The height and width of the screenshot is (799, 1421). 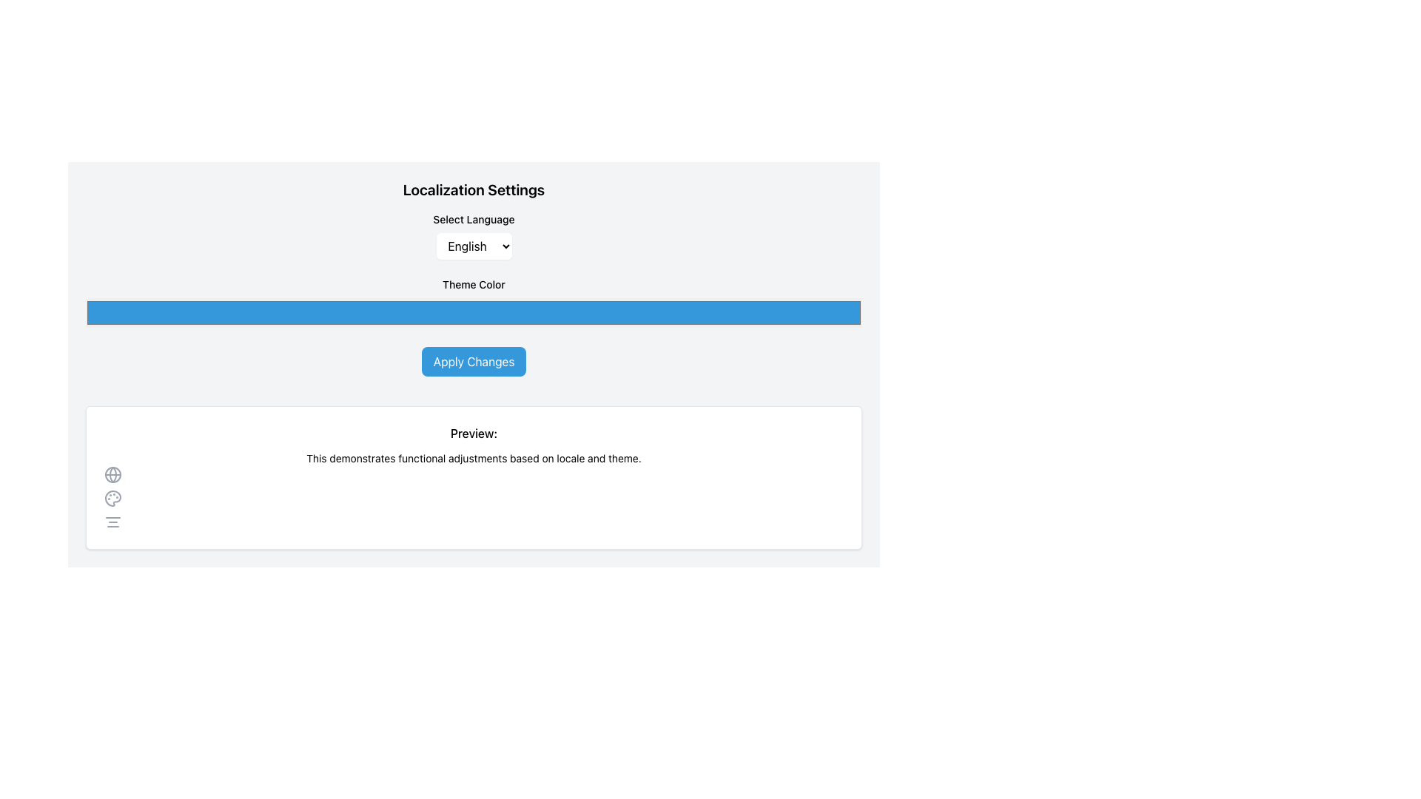 What do you see at coordinates (474, 235) in the screenshot?
I see `the dropdown menu for selecting a preferred language located under the 'Select Language' label in the 'Localization Settings' section` at bounding box center [474, 235].